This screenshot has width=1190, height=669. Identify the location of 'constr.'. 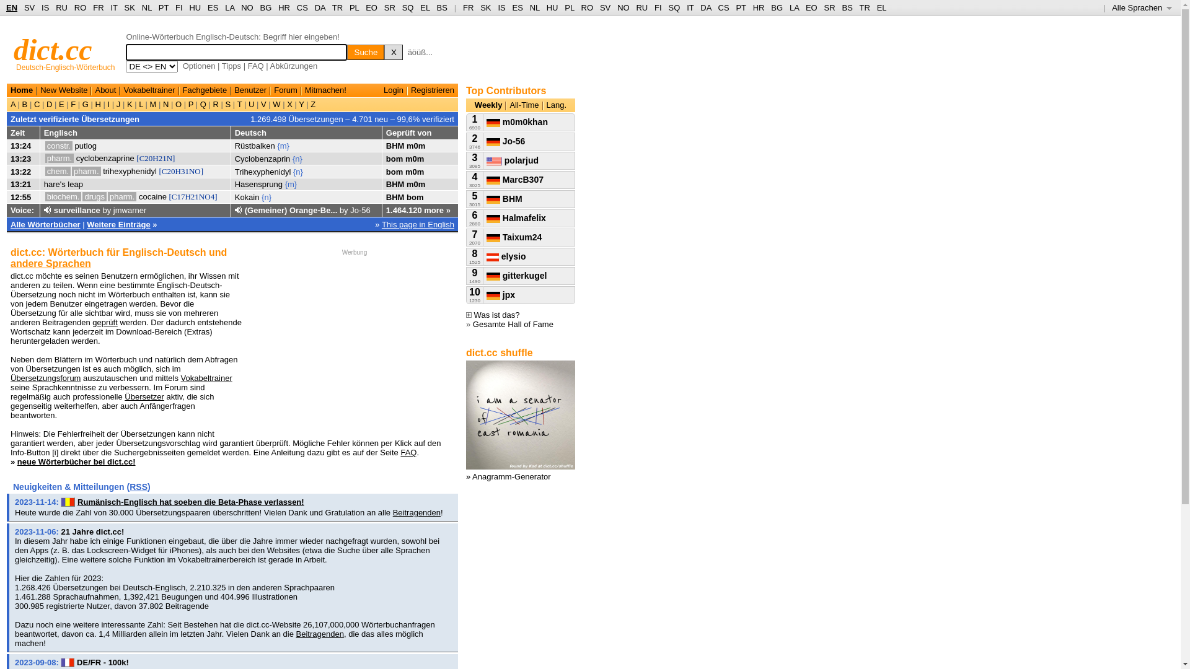
(45, 145).